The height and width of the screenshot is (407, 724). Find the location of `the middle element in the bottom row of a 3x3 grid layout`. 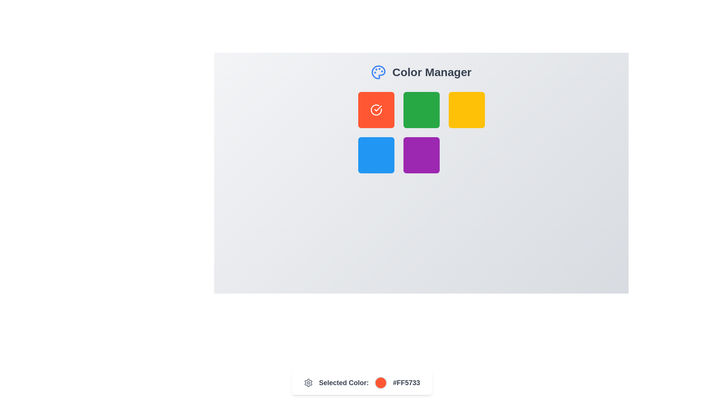

the middle element in the bottom row of a 3x3 grid layout is located at coordinates (421, 155).